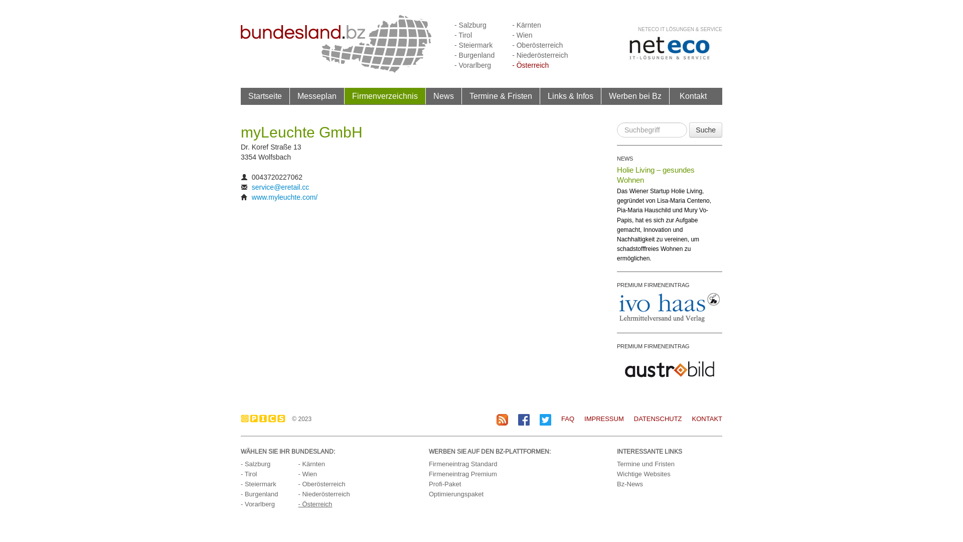 The height and width of the screenshot is (542, 963). What do you see at coordinates (259, 493) in the screenshot?
I see `'- Burgenland'` at bounding box center [259, 493].